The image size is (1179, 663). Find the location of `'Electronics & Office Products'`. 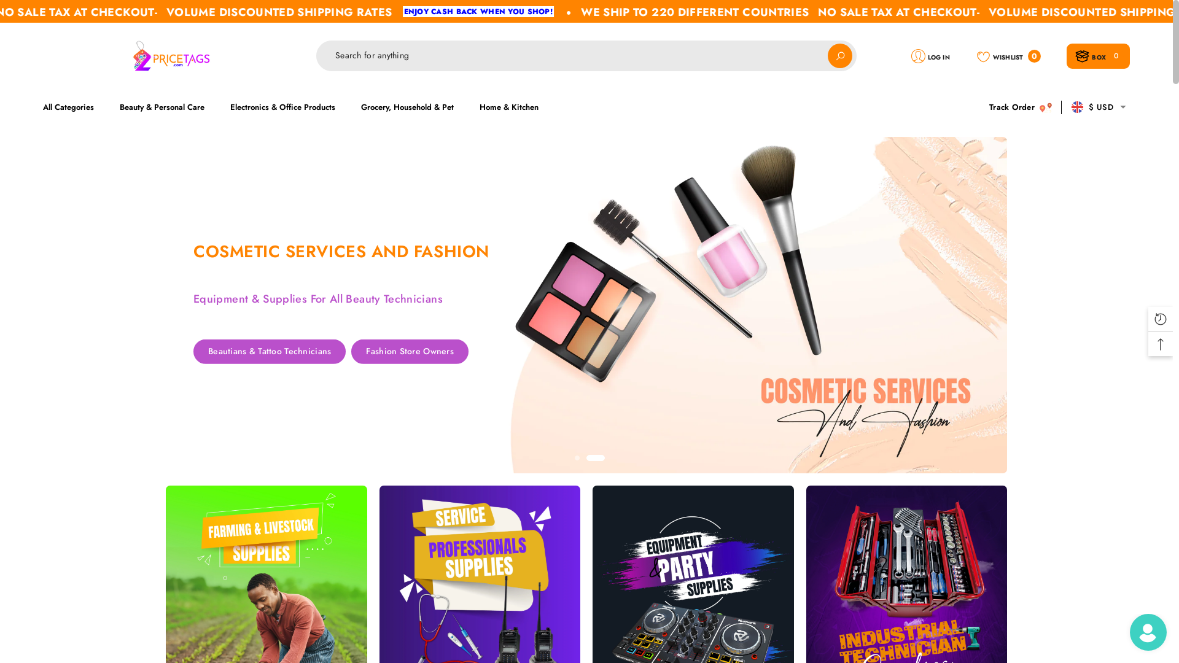

'Electronics & Office Products' is located at coordinates (282, 106).